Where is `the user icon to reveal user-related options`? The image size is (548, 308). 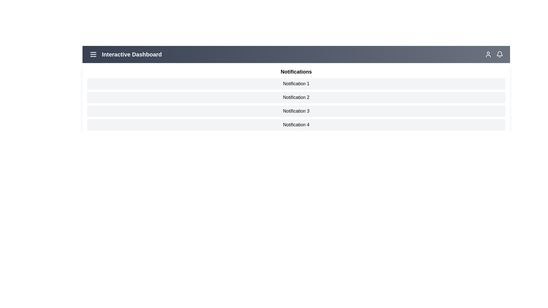 the user icon to reveal user-related options is located at coordinates (488, 54).